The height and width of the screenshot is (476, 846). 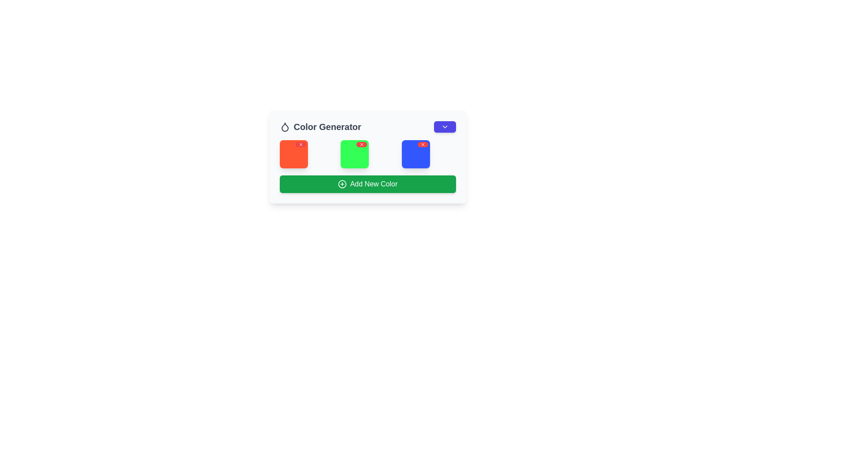 I want to click on the SVG graphical element (circle within the 'Add New Color' button icon) by clicking on it, so click(x=341, y=183).